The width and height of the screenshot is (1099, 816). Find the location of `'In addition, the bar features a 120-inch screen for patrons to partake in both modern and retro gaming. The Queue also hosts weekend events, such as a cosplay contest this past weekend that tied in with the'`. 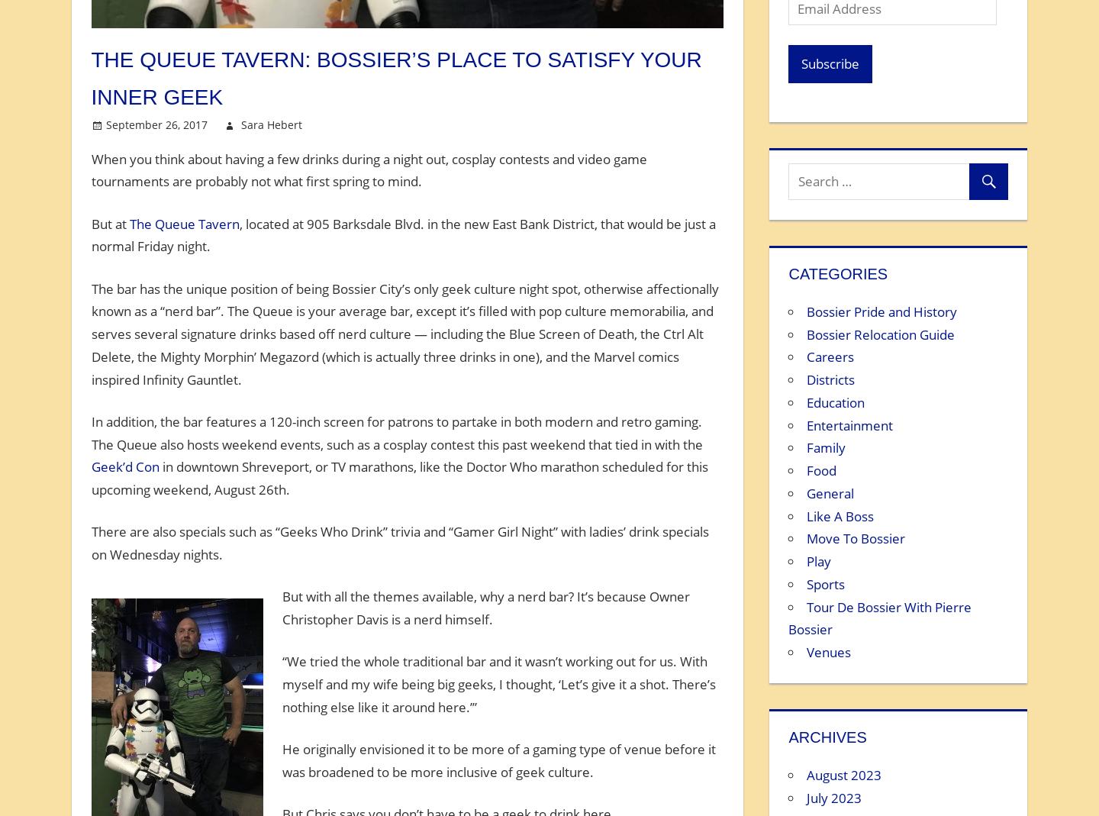

'In addition, the bar features a 120-inch screen for patrons to partake in both modern and retro gaming. The Queue also hosts weekend events, such as a cosplay contest this past weekend that tied in with the' is located at coordinates (395, 432).